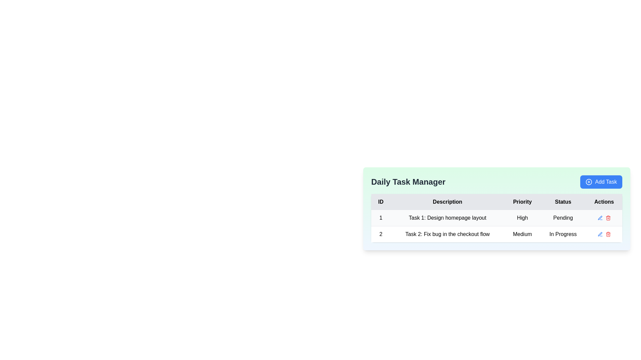 The image size is (641, 360). Describe the element at coordinates (497, 226) in the screenshot. I see `the table displaying the list of tasks in the 'Daily Task Manager' section` at that location.